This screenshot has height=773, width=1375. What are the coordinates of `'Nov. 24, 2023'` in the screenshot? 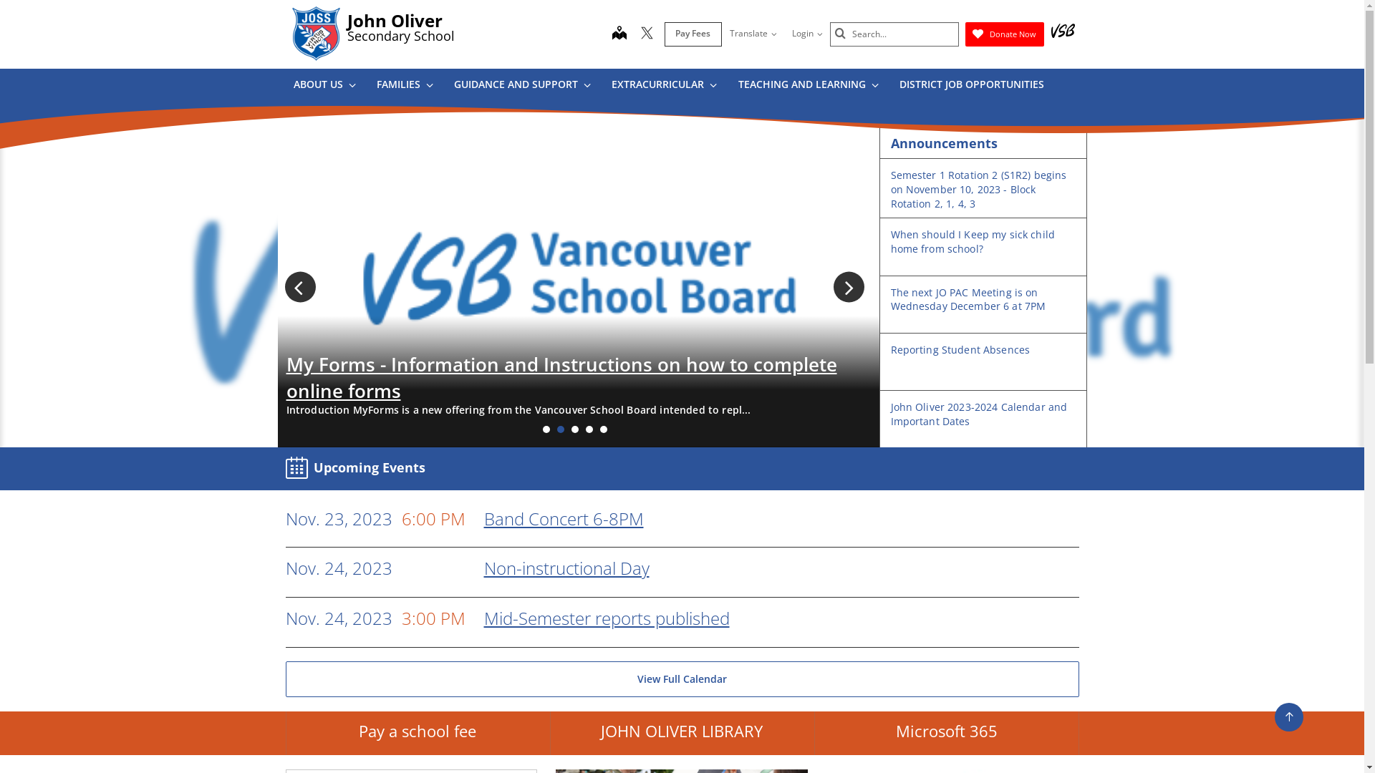 It's located at (285, 568).